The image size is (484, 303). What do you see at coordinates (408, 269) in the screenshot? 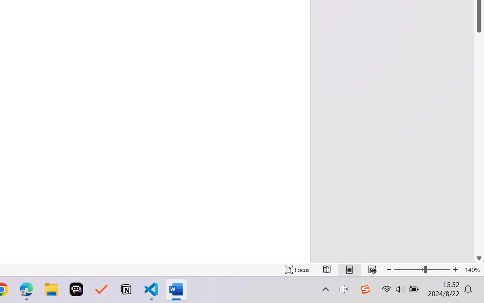
I see `'Zoom Out'` at bounding box center [408, 269].